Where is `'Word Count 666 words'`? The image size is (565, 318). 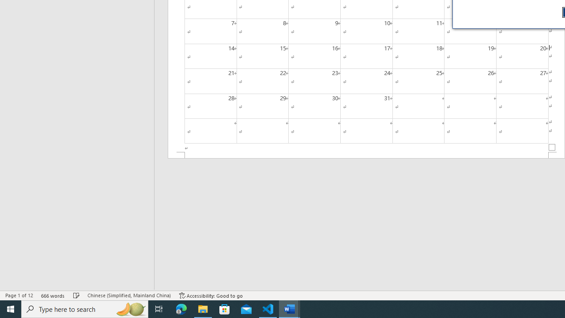
'Word Count 666 words' is located at coordinates (53, 295).